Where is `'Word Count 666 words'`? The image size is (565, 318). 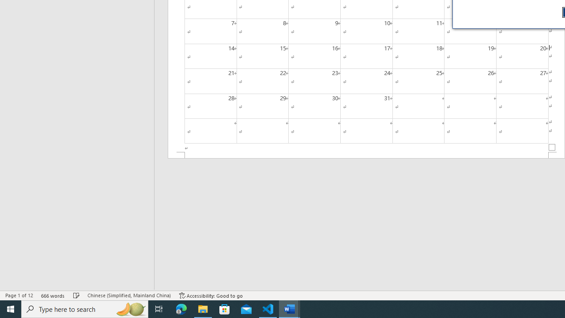
'Word Count 666 words' is located at coordinates (53, 295).